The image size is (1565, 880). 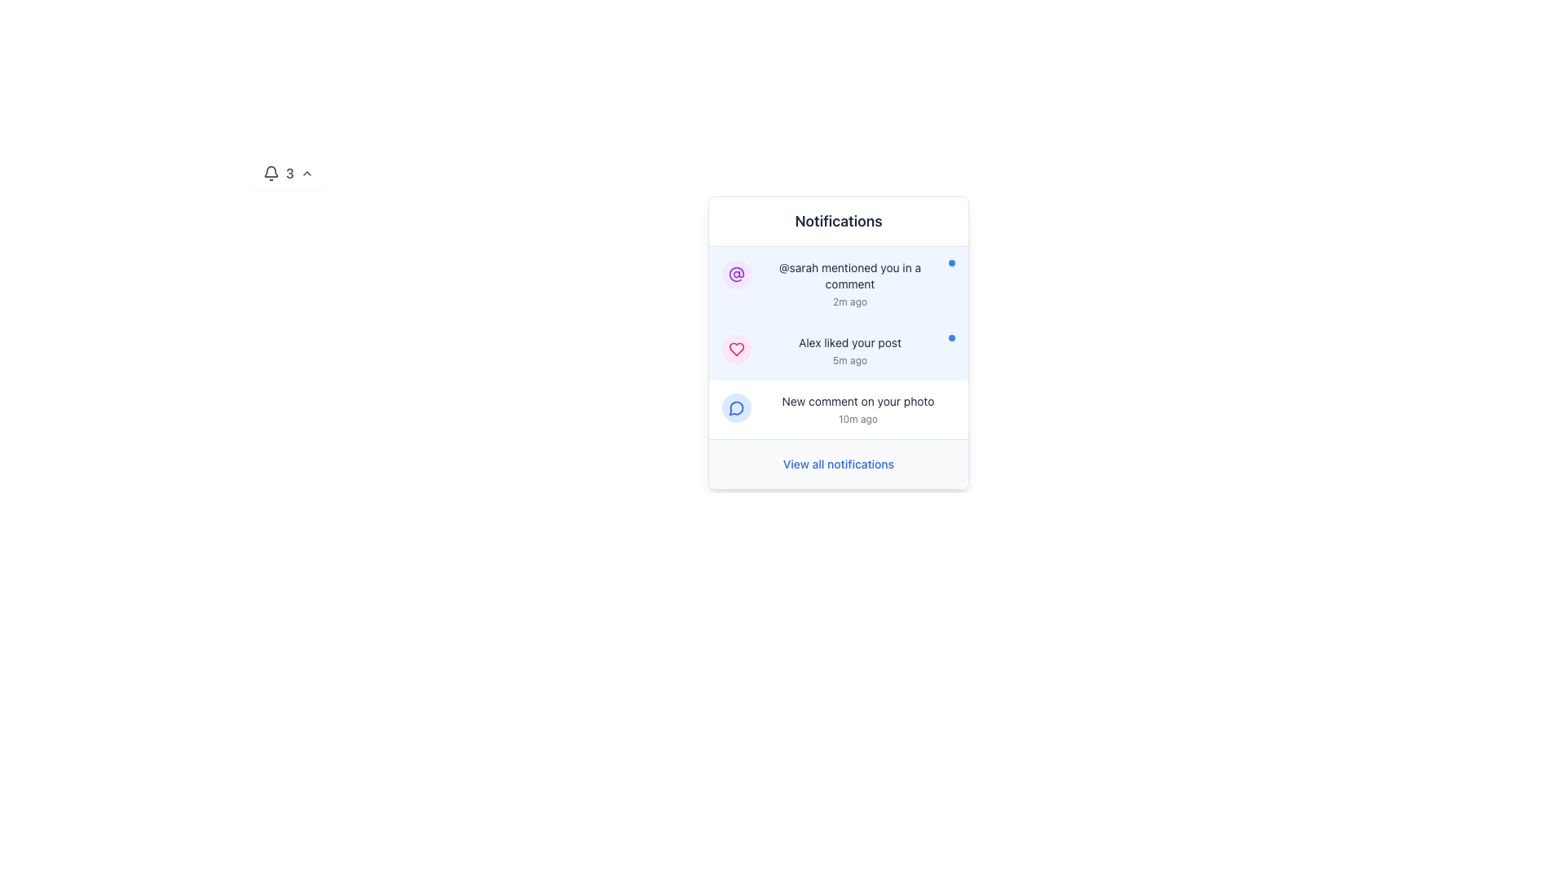 What do you see at coordinates (857, 408) in the screenshot?
I see `the notification item that informs the user about a recent activity involving their photo, located` at bounding box center [857, 408].